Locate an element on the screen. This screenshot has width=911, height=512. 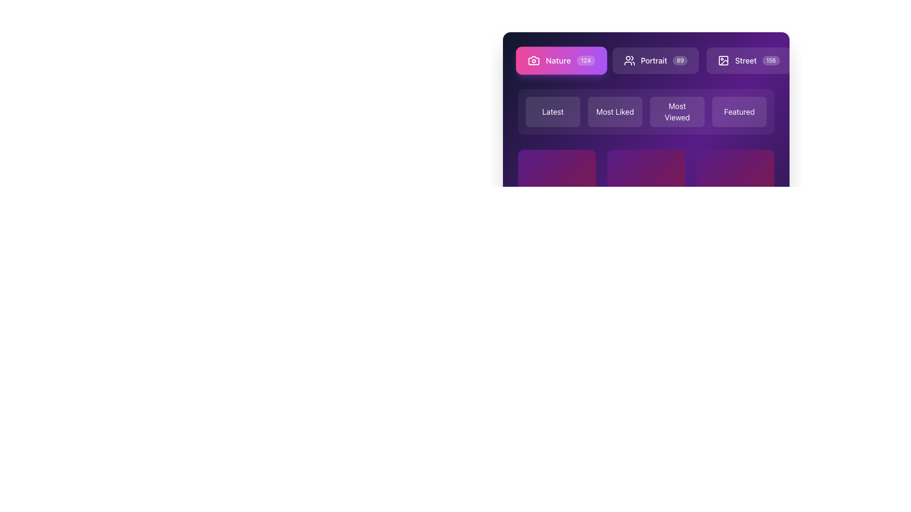
the 'Portrait' button in the top navigation bar is located at coordinates (655, 60).